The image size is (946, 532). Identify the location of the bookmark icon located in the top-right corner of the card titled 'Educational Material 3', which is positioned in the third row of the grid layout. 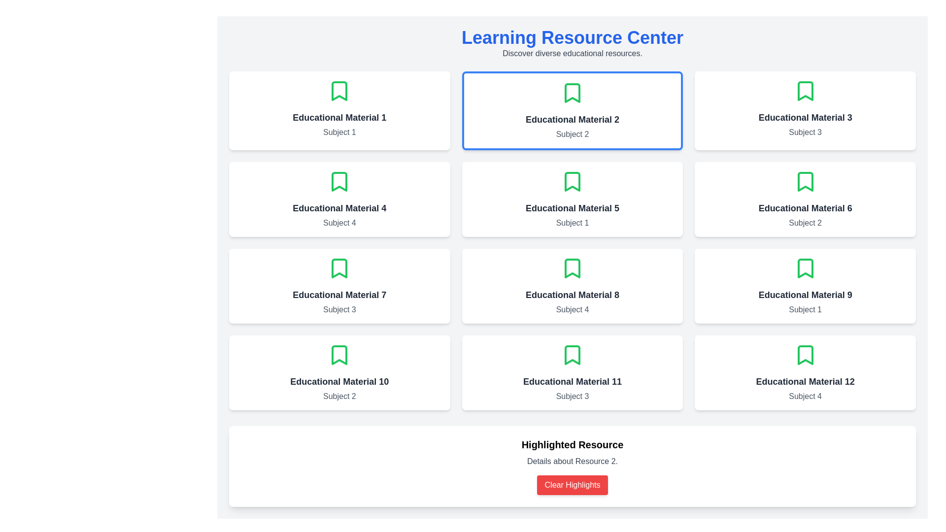
(805, 91).